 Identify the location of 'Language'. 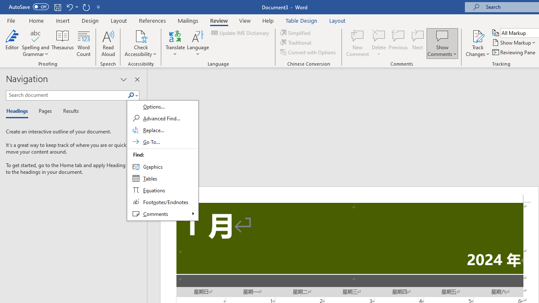
(197, 43).